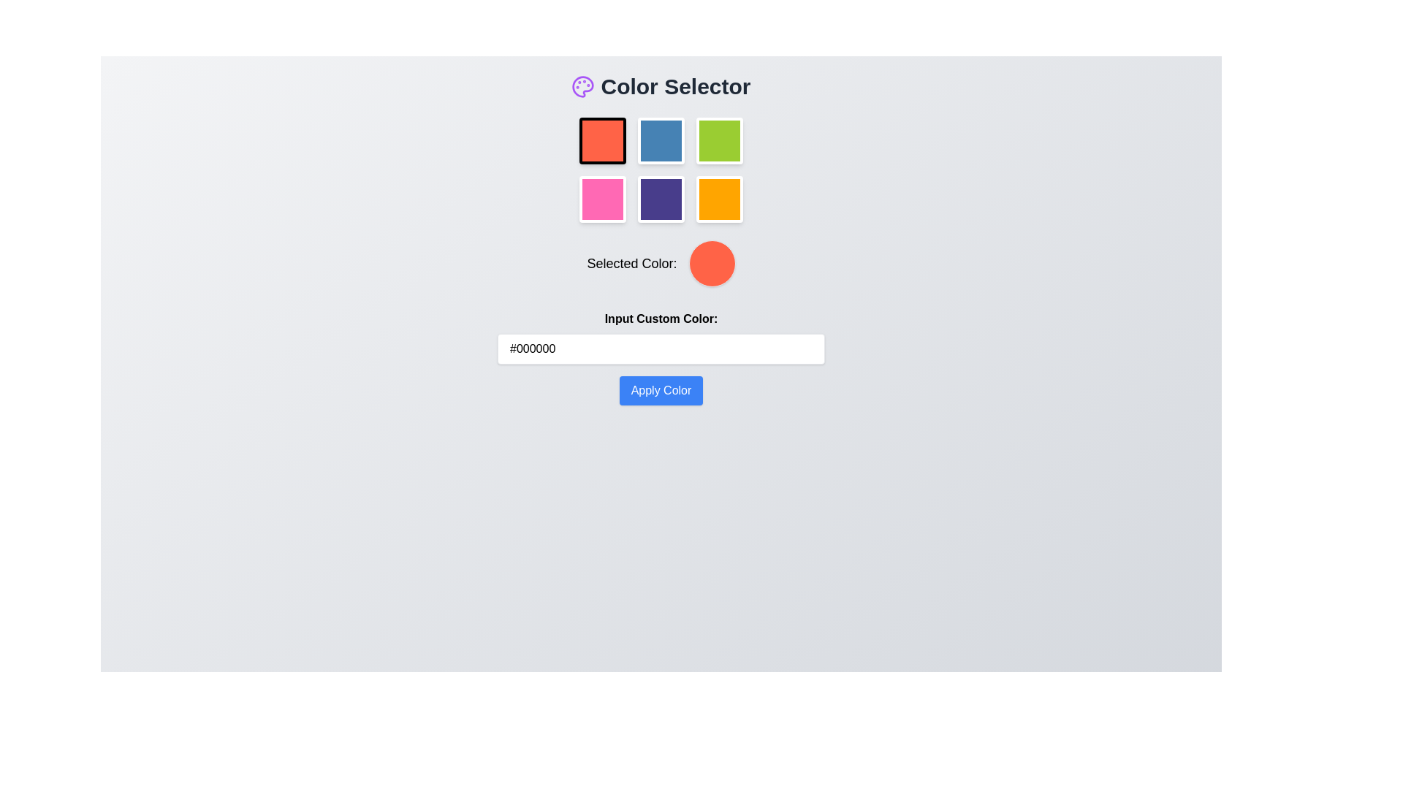  I want to click on the bright green color selection button located in the first row and third column of the color button grid, so click(719, 140).